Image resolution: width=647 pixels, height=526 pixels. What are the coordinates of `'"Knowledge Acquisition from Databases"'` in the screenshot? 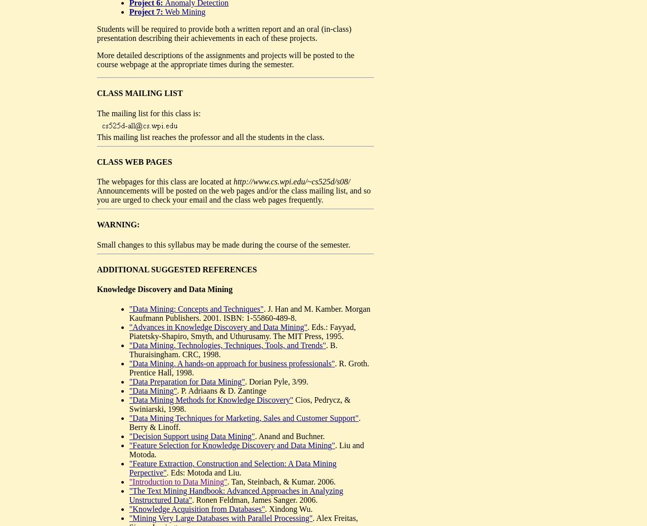 It's located at (197, 509).